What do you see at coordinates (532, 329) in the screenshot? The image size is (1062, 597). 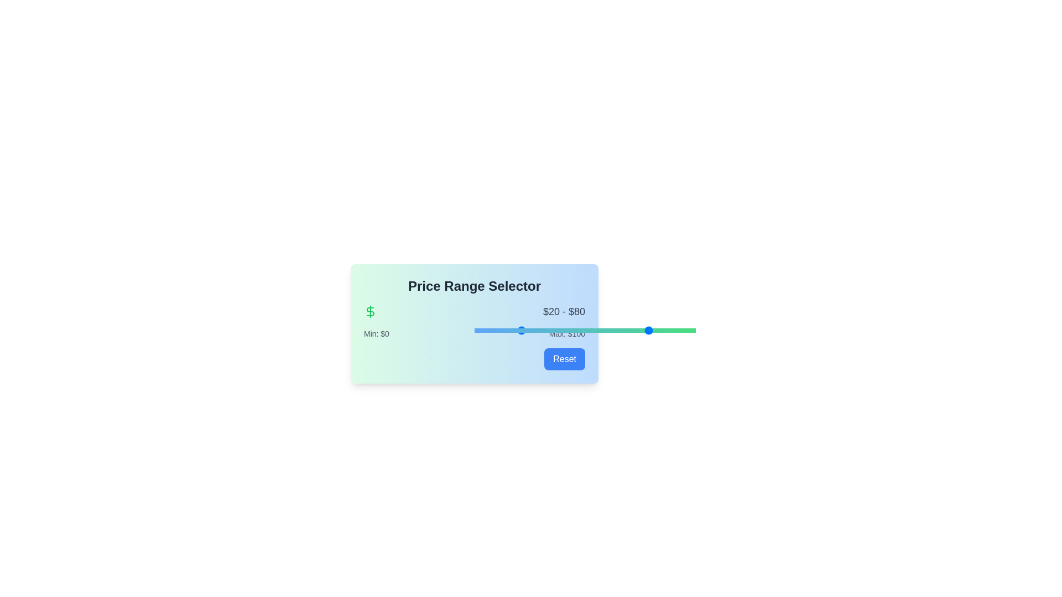 I see `the slider` at bounding box center [532, 329].